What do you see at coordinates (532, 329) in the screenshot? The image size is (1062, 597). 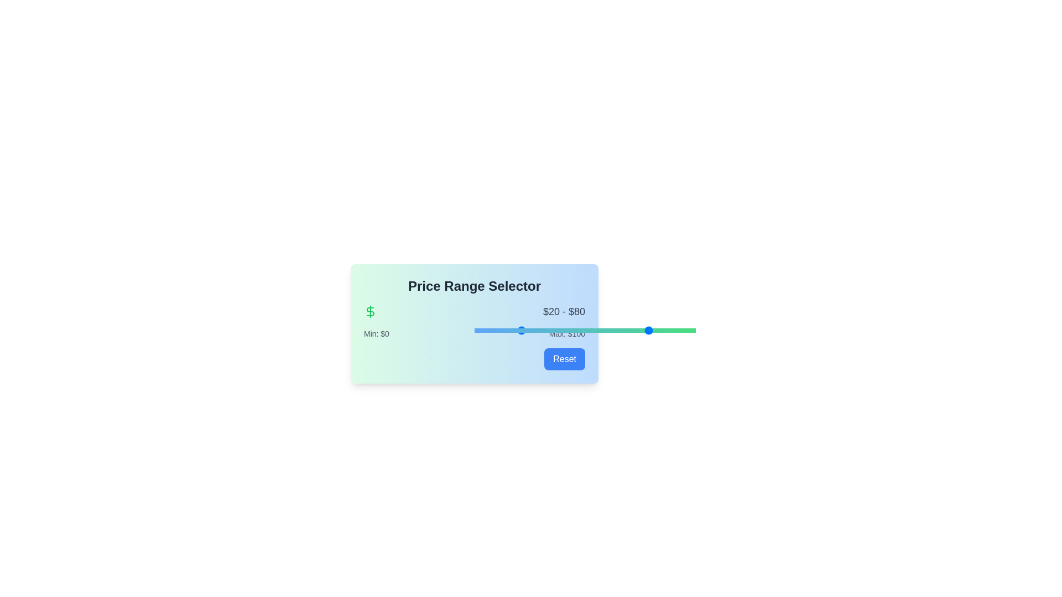 I see `the slider` at bounding box center [532, 329].